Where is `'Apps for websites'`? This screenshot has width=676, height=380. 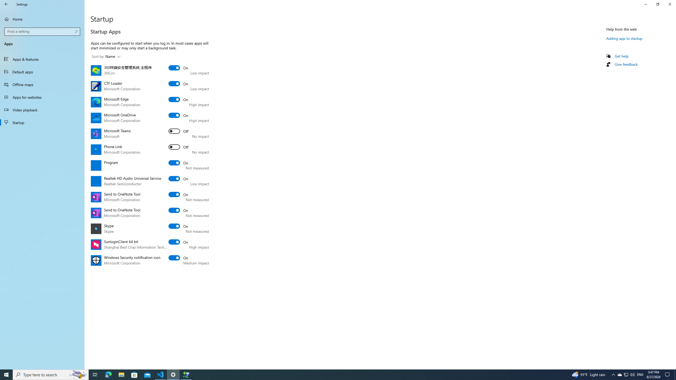 'Apps for websites' is located at coordinates (42, 97).